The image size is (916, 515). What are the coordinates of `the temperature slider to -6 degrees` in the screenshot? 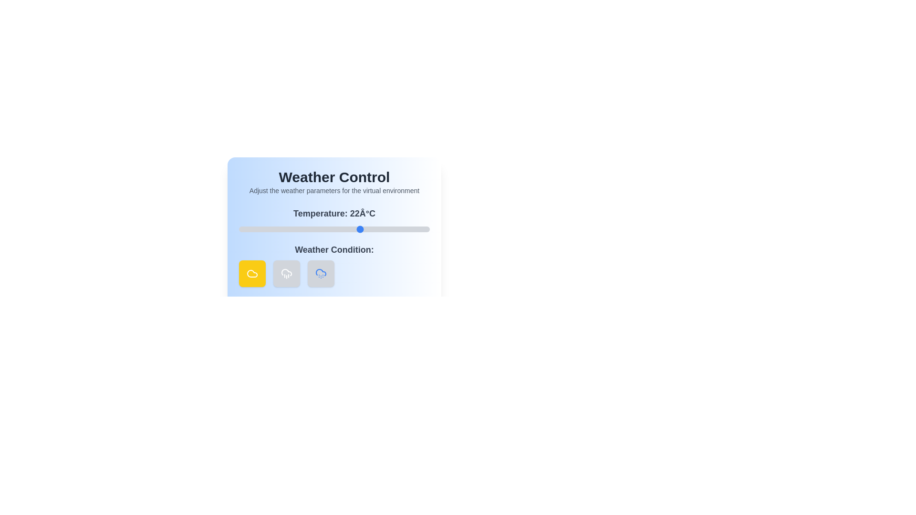 It's located at (254, 229).